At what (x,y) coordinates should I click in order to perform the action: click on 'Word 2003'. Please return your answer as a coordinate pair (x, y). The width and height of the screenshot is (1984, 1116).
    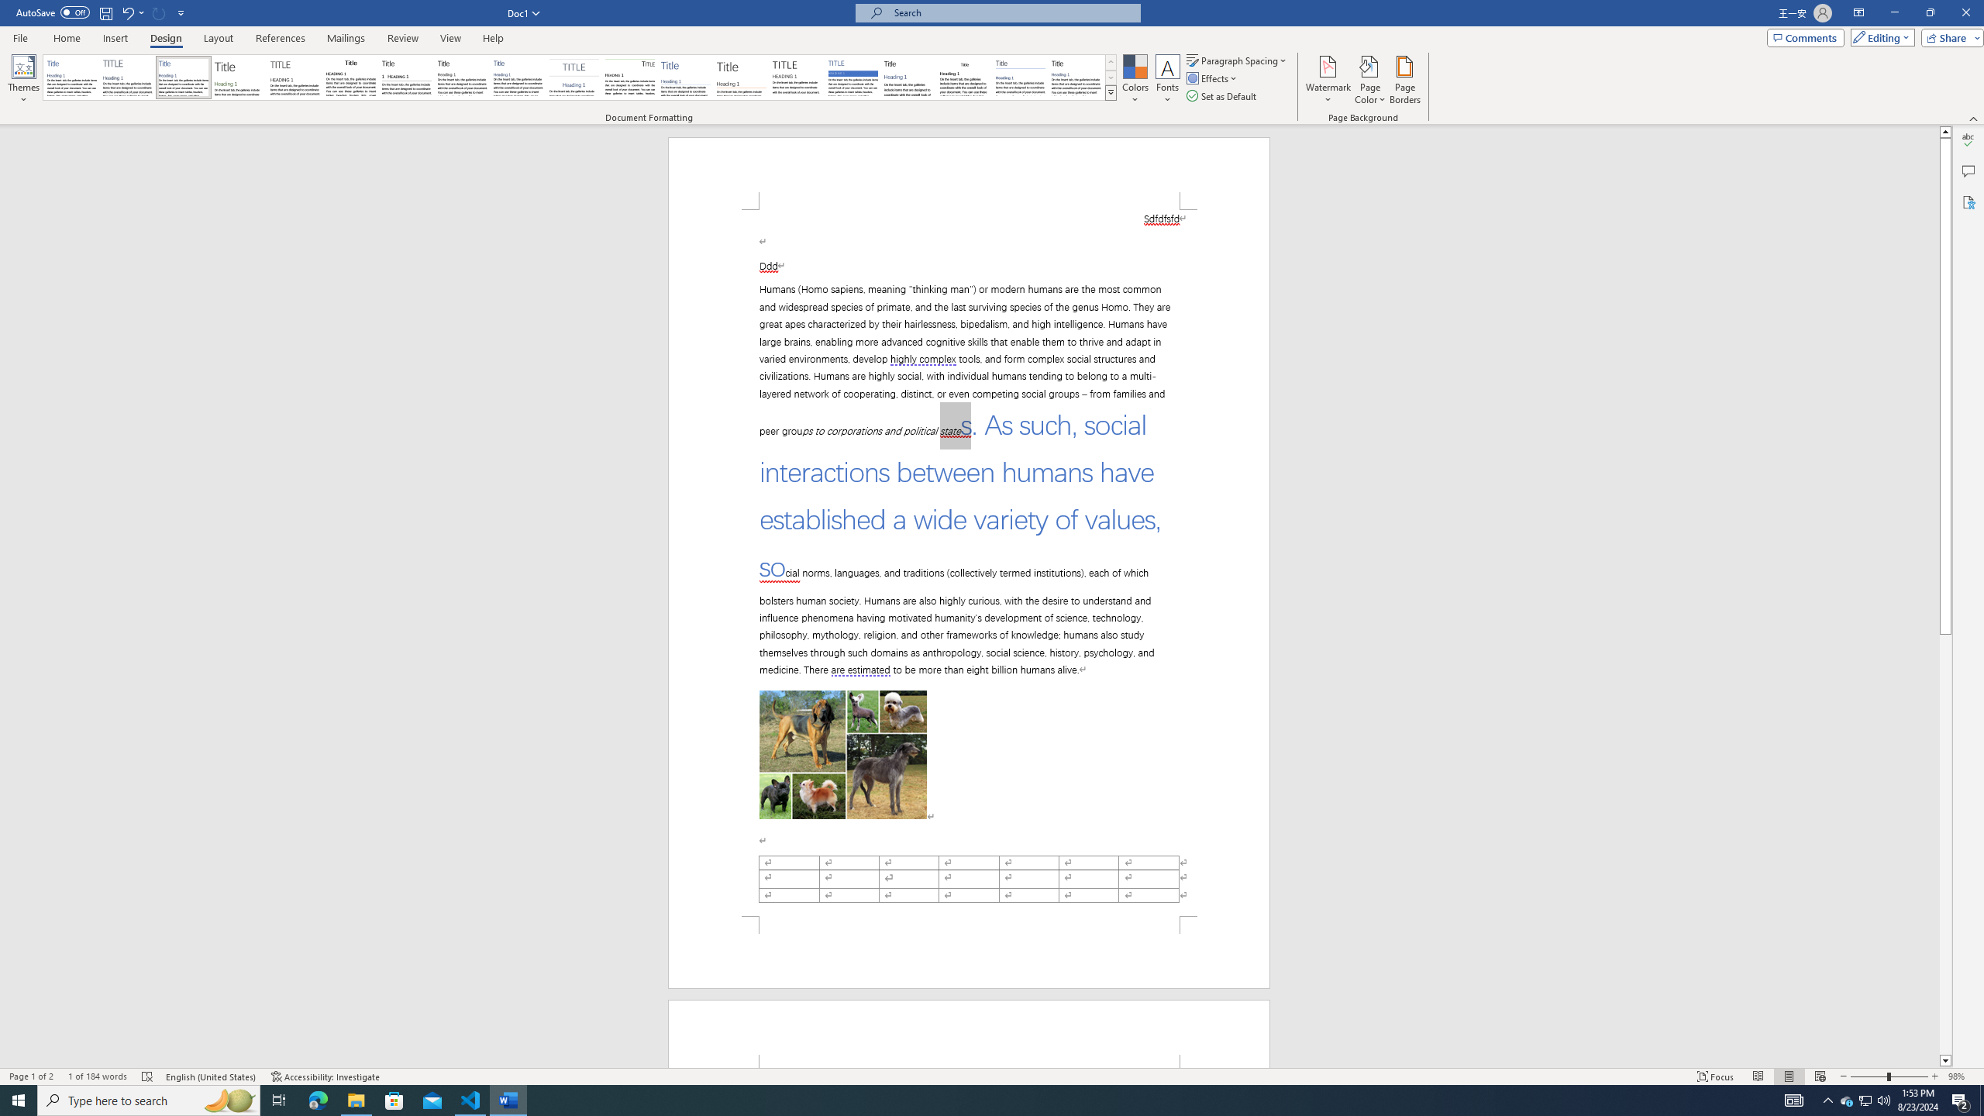
    Looking at the image, I should click on (963, 77).